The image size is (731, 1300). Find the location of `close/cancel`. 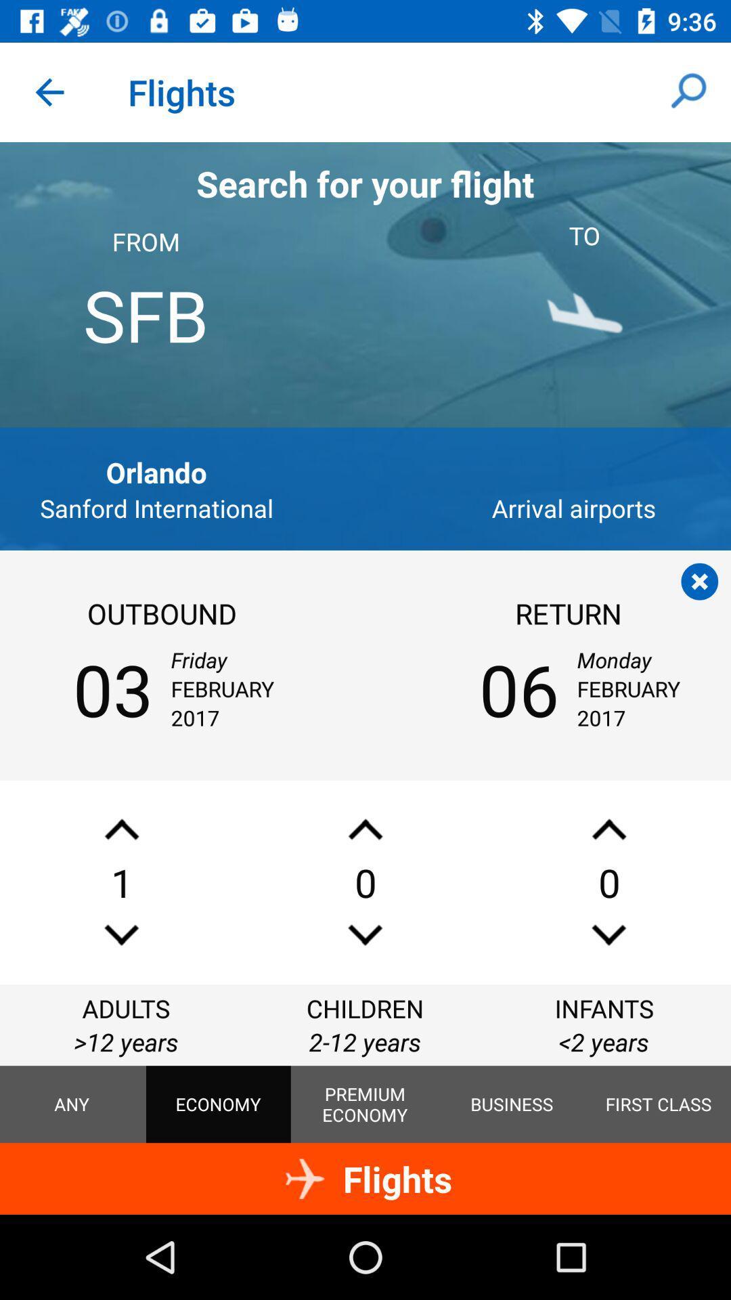

close/cancel is located at coordinates (699, 582).